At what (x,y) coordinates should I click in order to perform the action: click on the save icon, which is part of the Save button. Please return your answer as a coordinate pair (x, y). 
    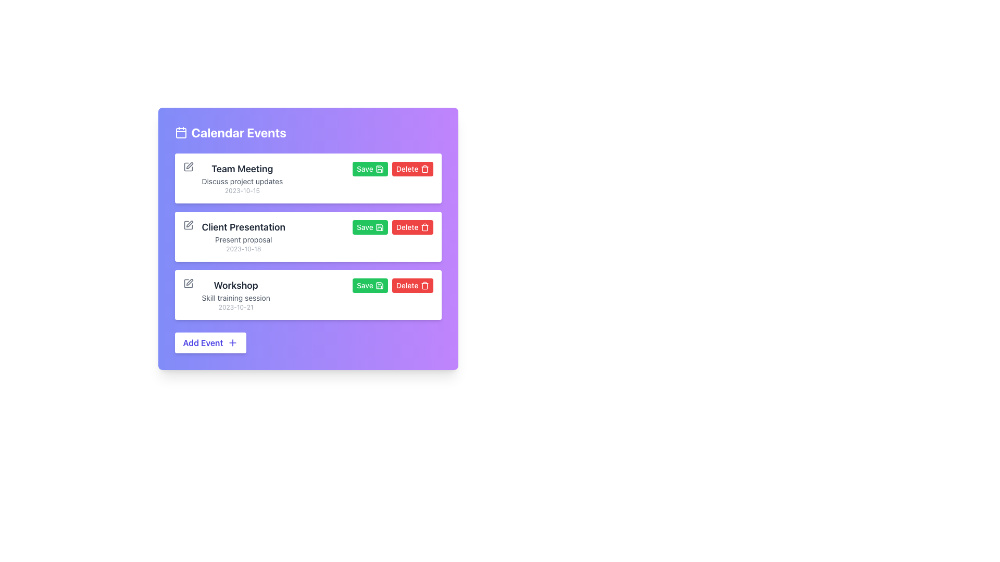
    Looking at the image, I should click on (379, 168).